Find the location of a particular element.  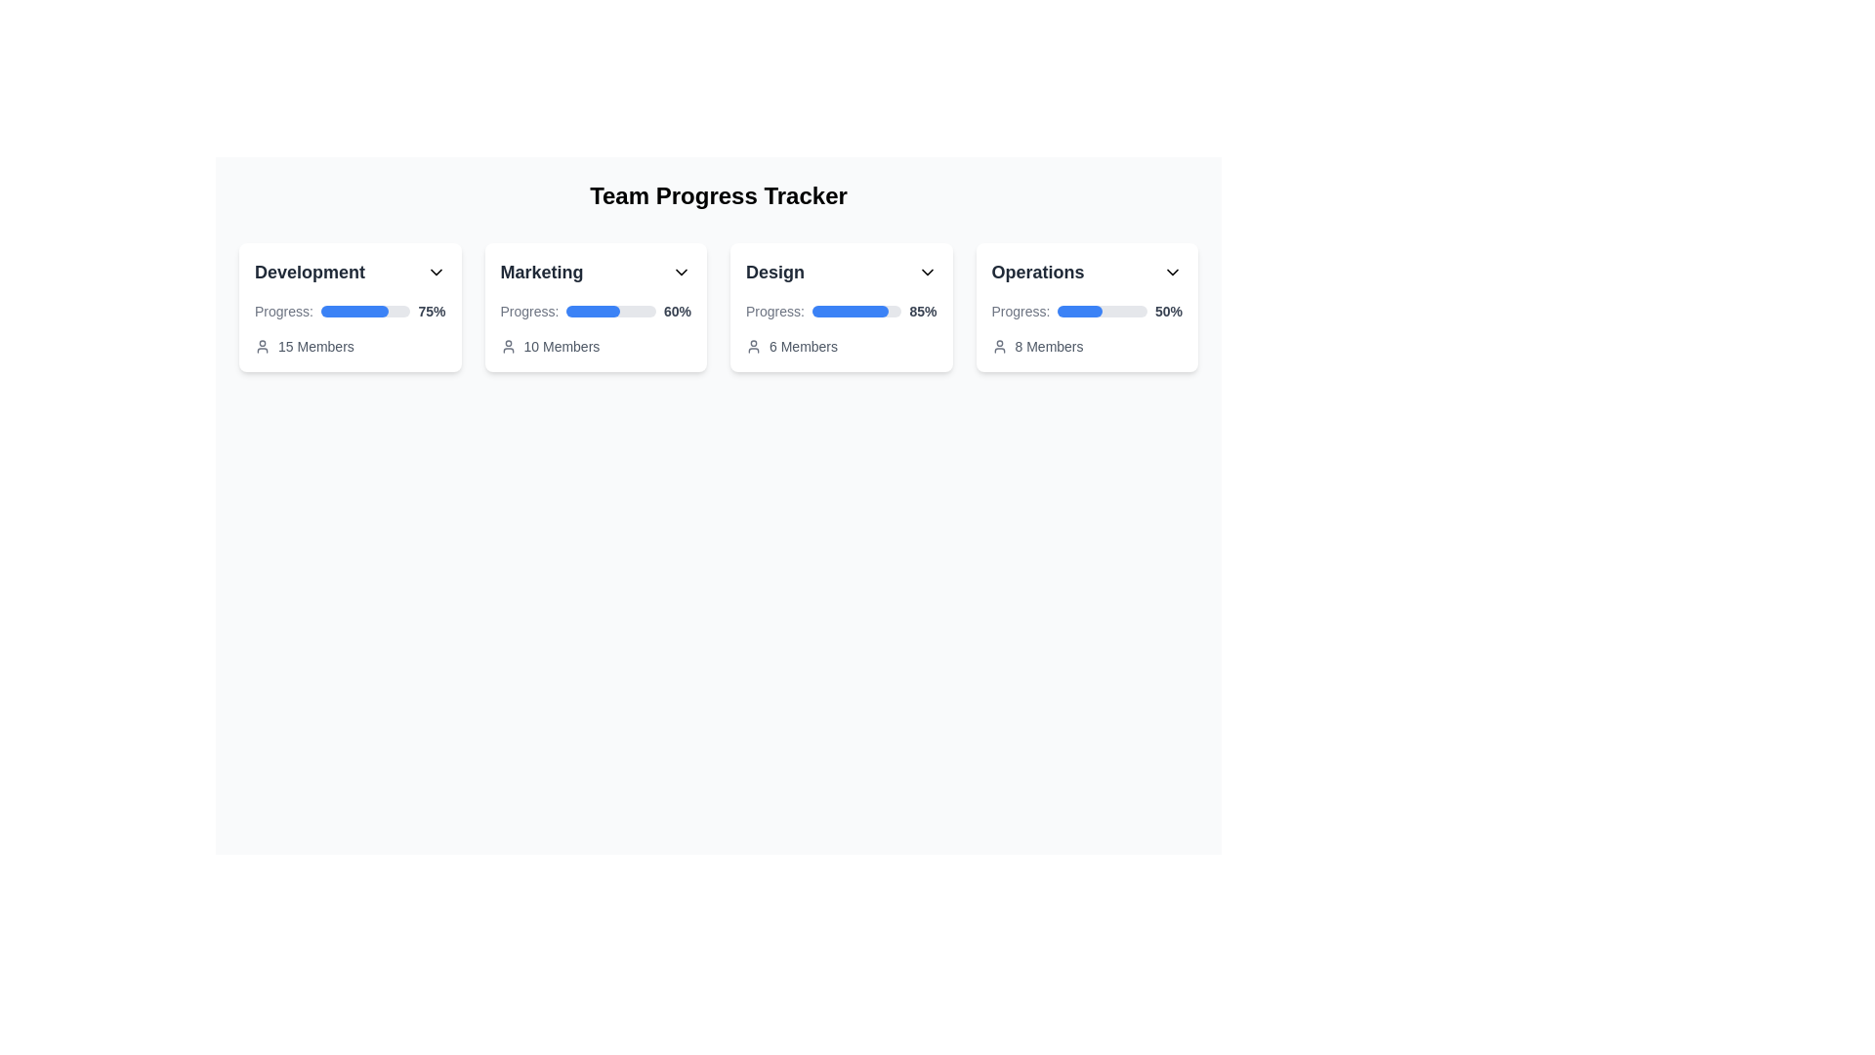

the Informational card that displays the project's development progress percentage and team size, located in the first column of the grid layout, adjacent to 'Marketing', 'Design', and 'Operations' is located at coordinates (350, 308).